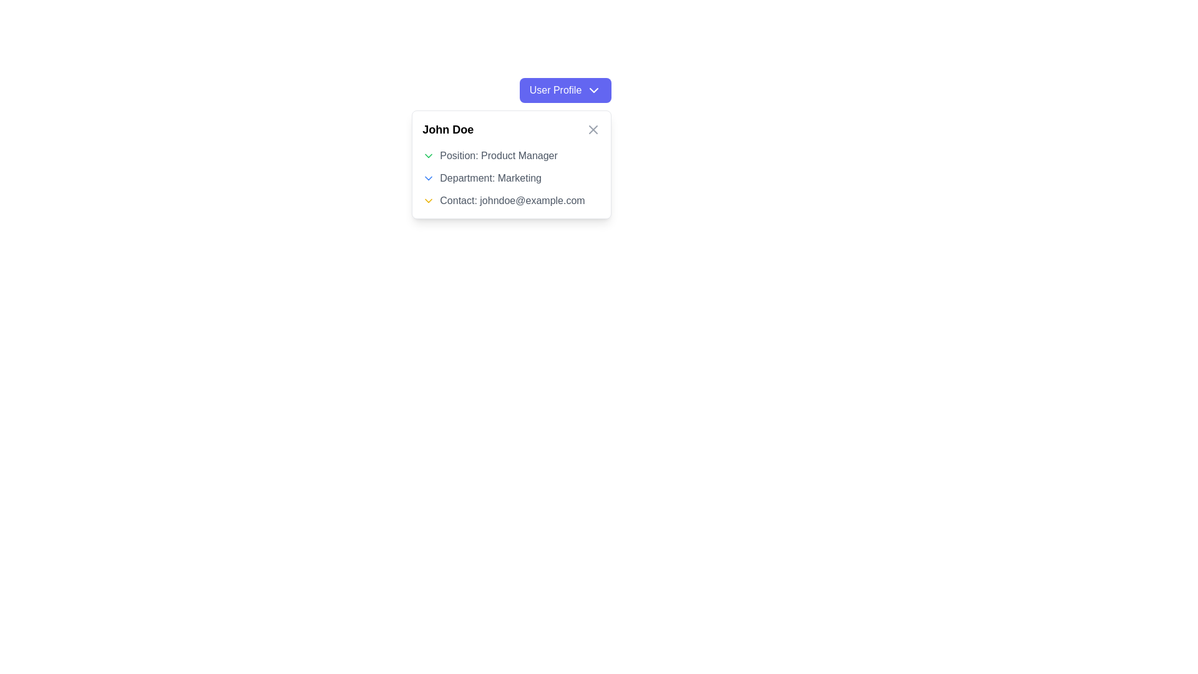 The height and width of the screenshot is (674, 1198). Describe the element at coordinates (565, 90) in the screenshot. I see `the 'User Profile' dropdown toggle button with a purple background and white text` at that location.